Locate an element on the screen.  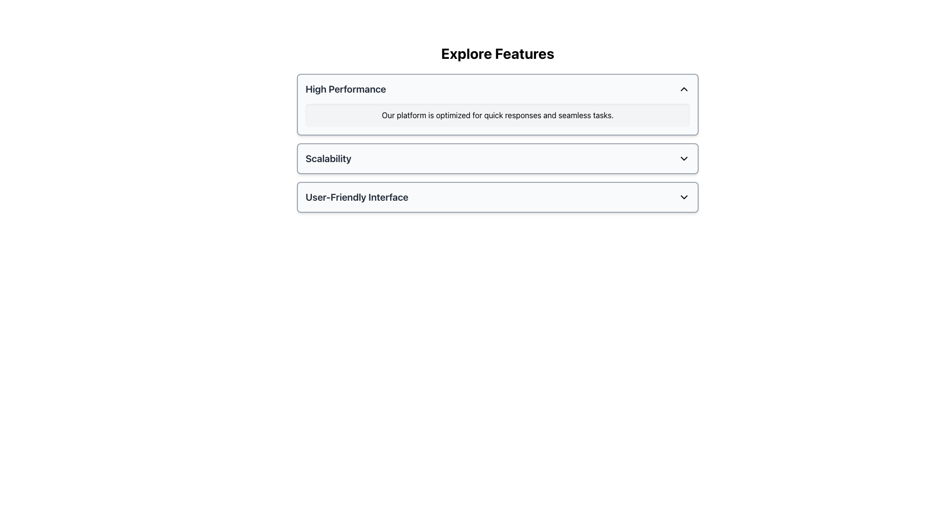
the Text label representing the title of the second section under 'Explore Features' is located at coordinates (328, 158).